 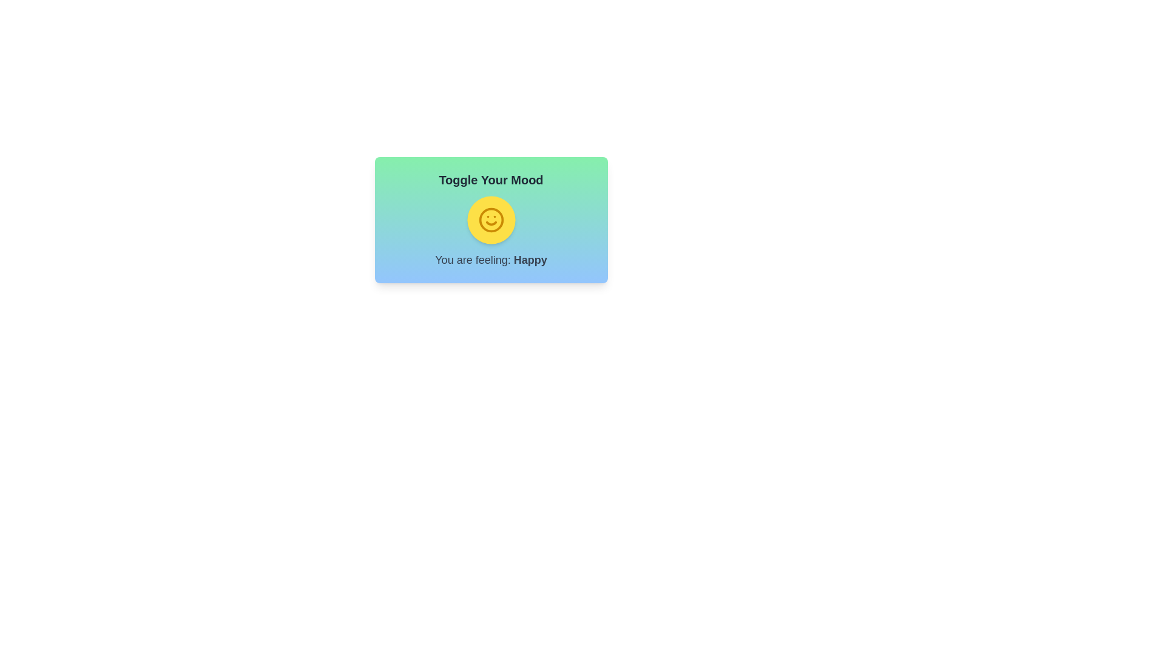 What do you see at coordinates (491, 220) in the screenshot?
I see `mood toggle button to switch its state` at bounding box center [491, 220].